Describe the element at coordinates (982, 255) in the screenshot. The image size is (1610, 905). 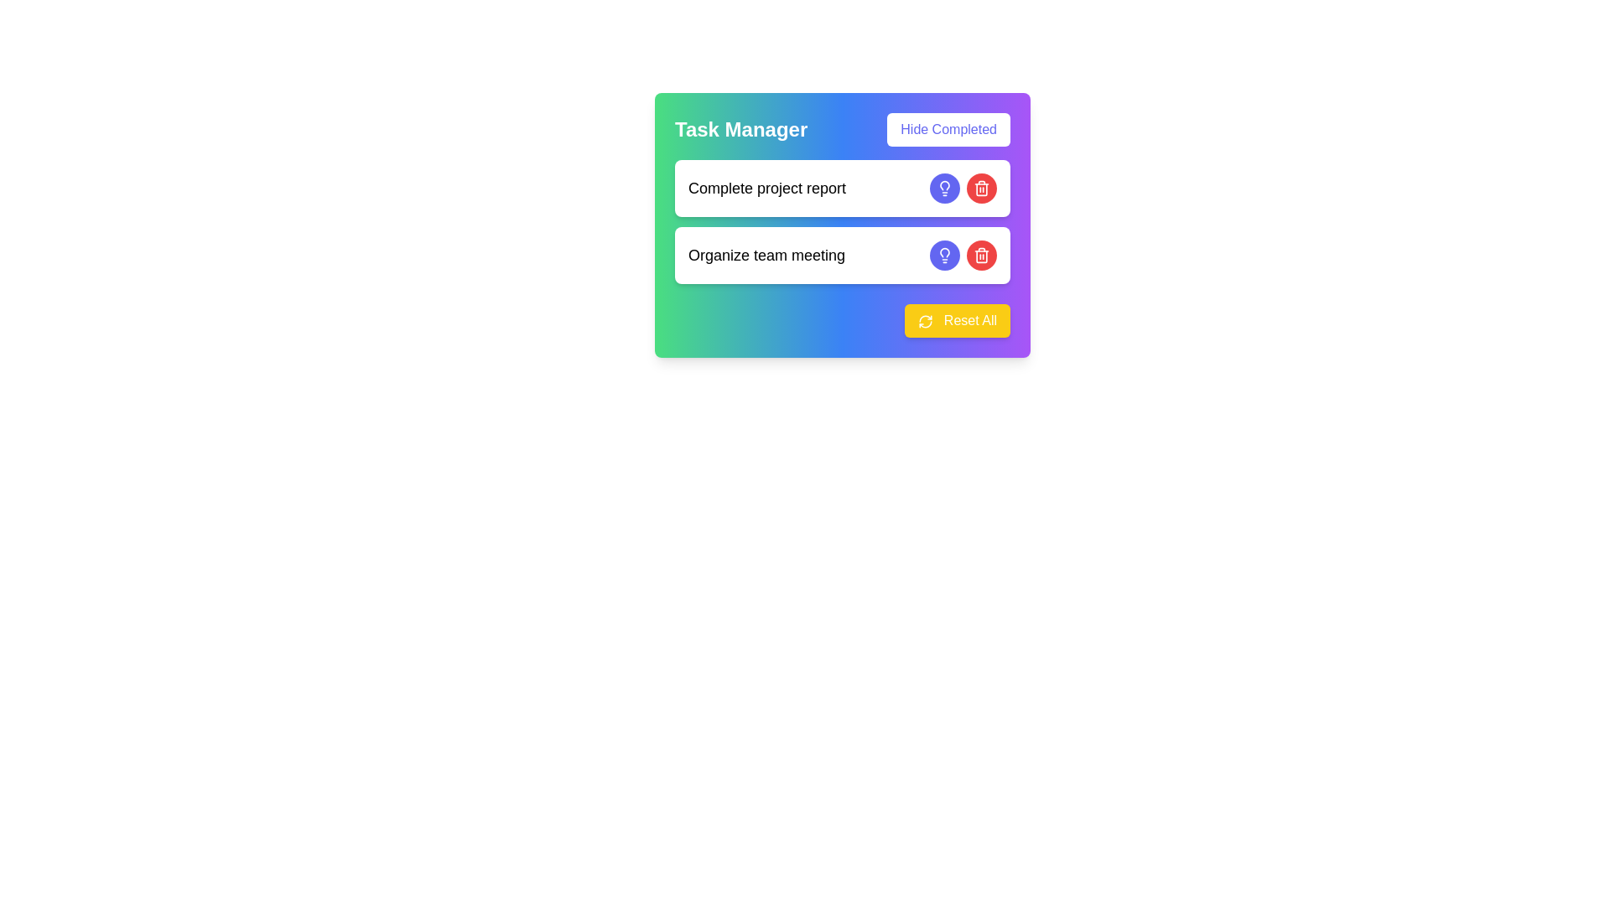
I see `the circular red delete button with a white trash can icon located at the far right of the second task entry` at that location.